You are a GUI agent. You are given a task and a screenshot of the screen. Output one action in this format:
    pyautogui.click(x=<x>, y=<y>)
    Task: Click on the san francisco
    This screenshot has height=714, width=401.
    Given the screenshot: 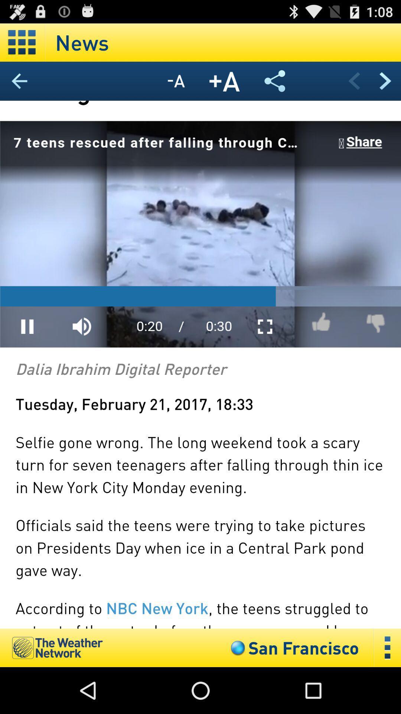 What is the action you would take?
    pyautogui.click(x=293, y=647)
    